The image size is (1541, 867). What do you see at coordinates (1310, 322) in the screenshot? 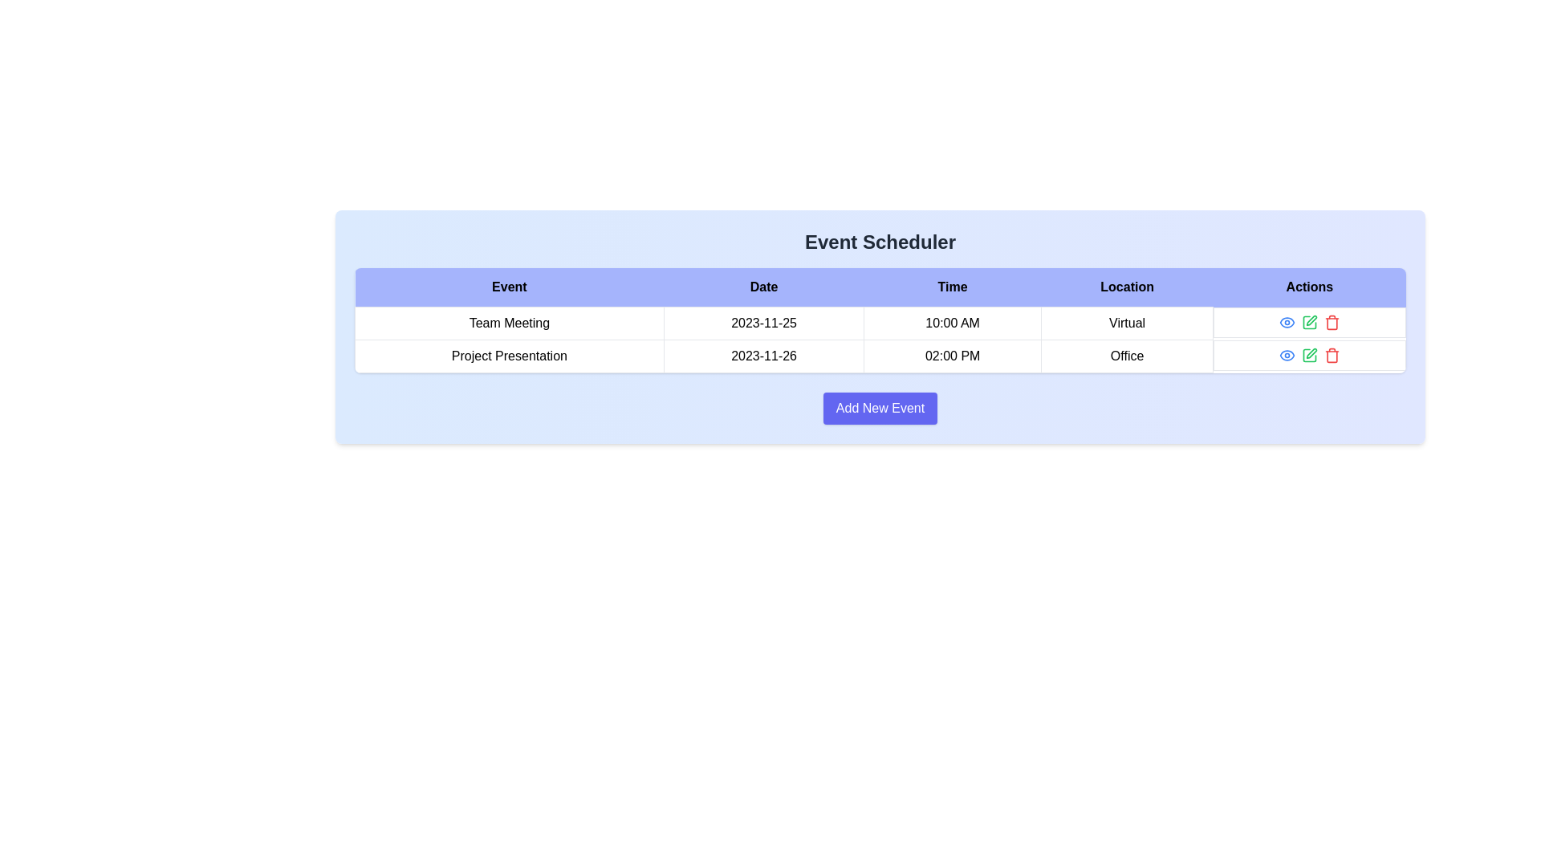
I see `the edit button represented by a small square icon with a green outline and a pen symbol, located in the 'Actions' column for the 'Team Meeting' row in the 'Event Scheduler' table` at bounding box center [1310, 322].